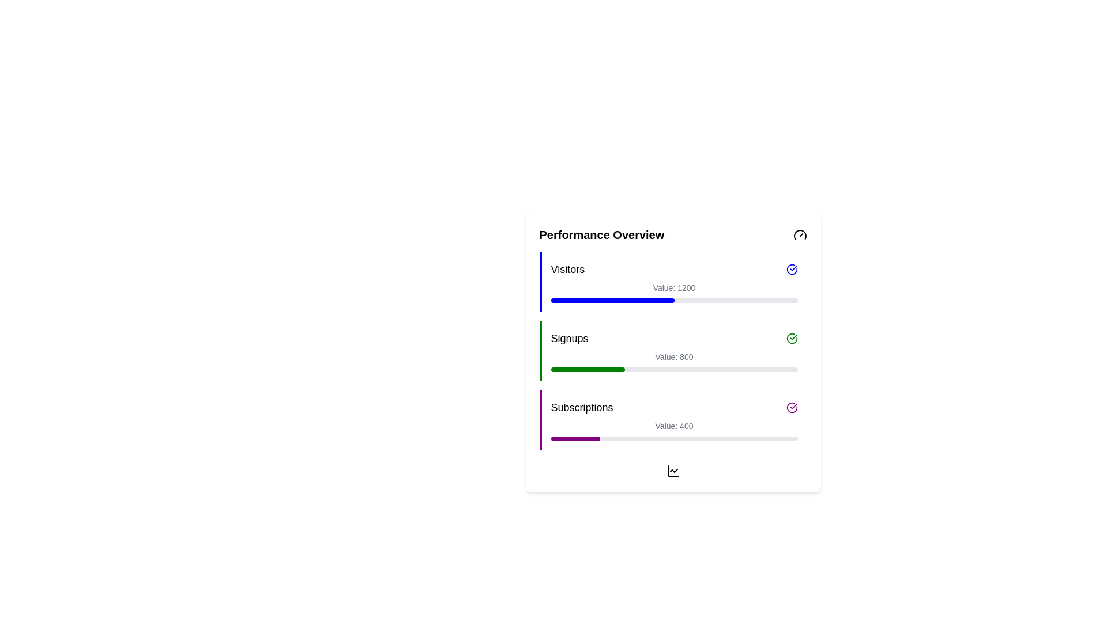  What do you see at coordinates (791, 269) in the screenshot?
I see `the circular icon with a blue outline and checkmark inside, located at the far right of the 'Visitors' header in the performance overview section` at bounding box center [791, 269].